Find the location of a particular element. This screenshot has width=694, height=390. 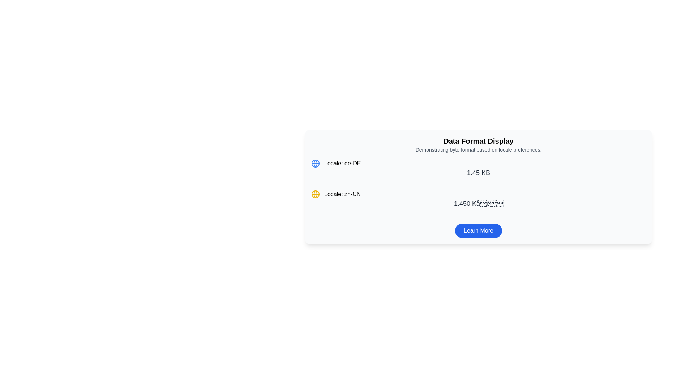

the decorative circle element representing part of the globe icon design located in the upper right part of the interface is located at coordinates (316, 163).